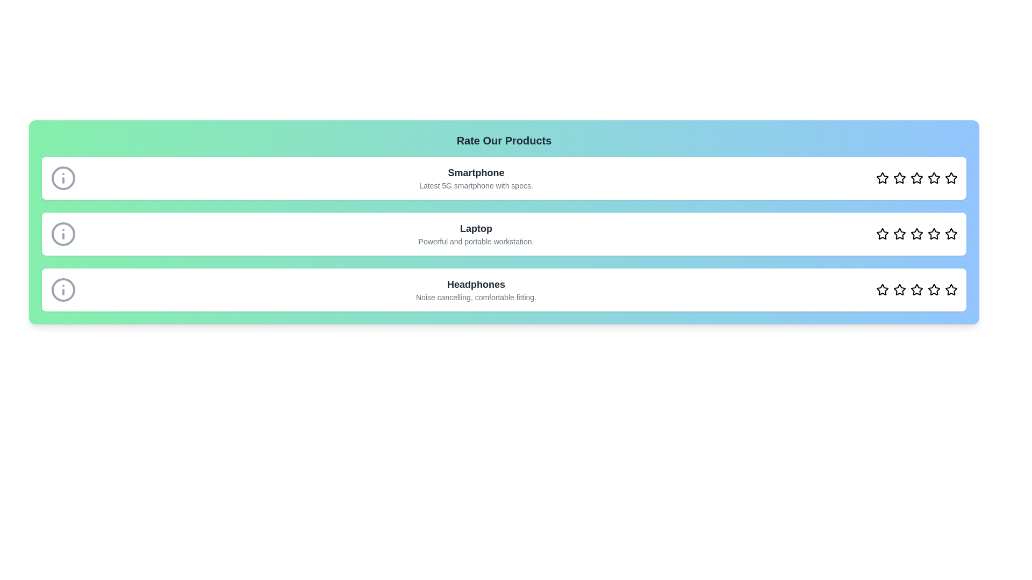 The height and width of the screenshot is (580, 1032). I want to click on the star icon at the far right of the rating bar for the product 'Smartphone' to rate the product, so click(951, 177).